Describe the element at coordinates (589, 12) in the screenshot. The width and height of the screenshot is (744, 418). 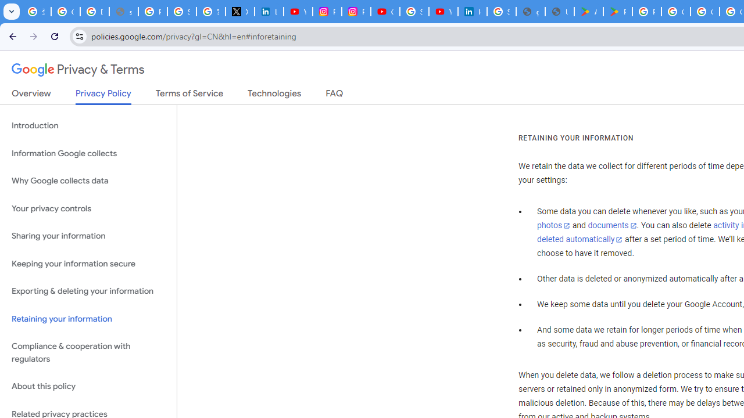
I see `'Android Apps on Google Play'` at that location.